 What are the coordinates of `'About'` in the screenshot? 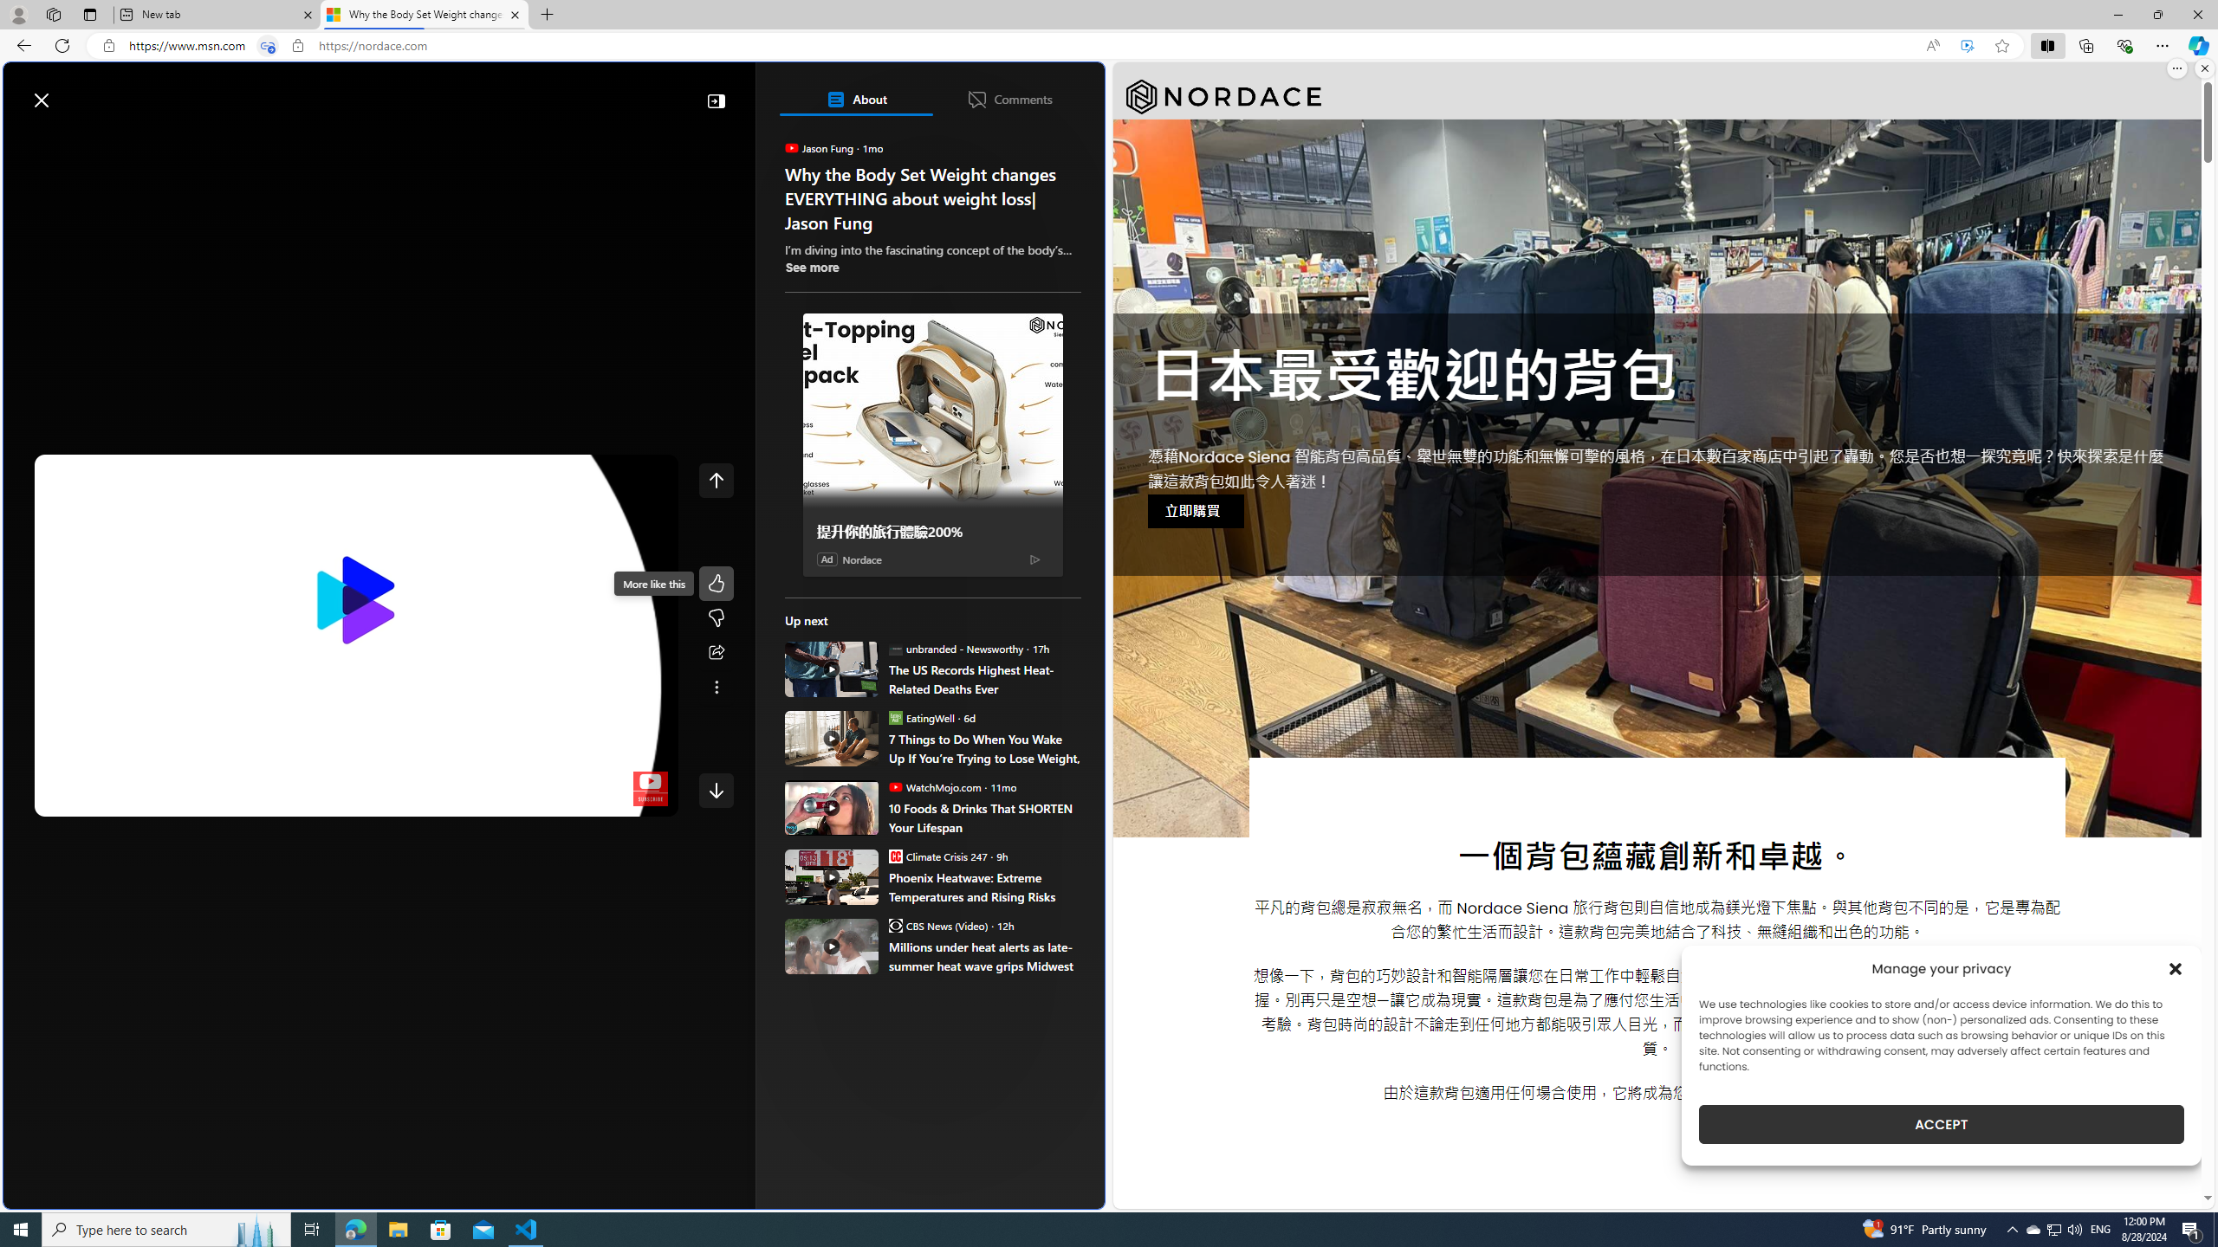 It's located at (855, 99).